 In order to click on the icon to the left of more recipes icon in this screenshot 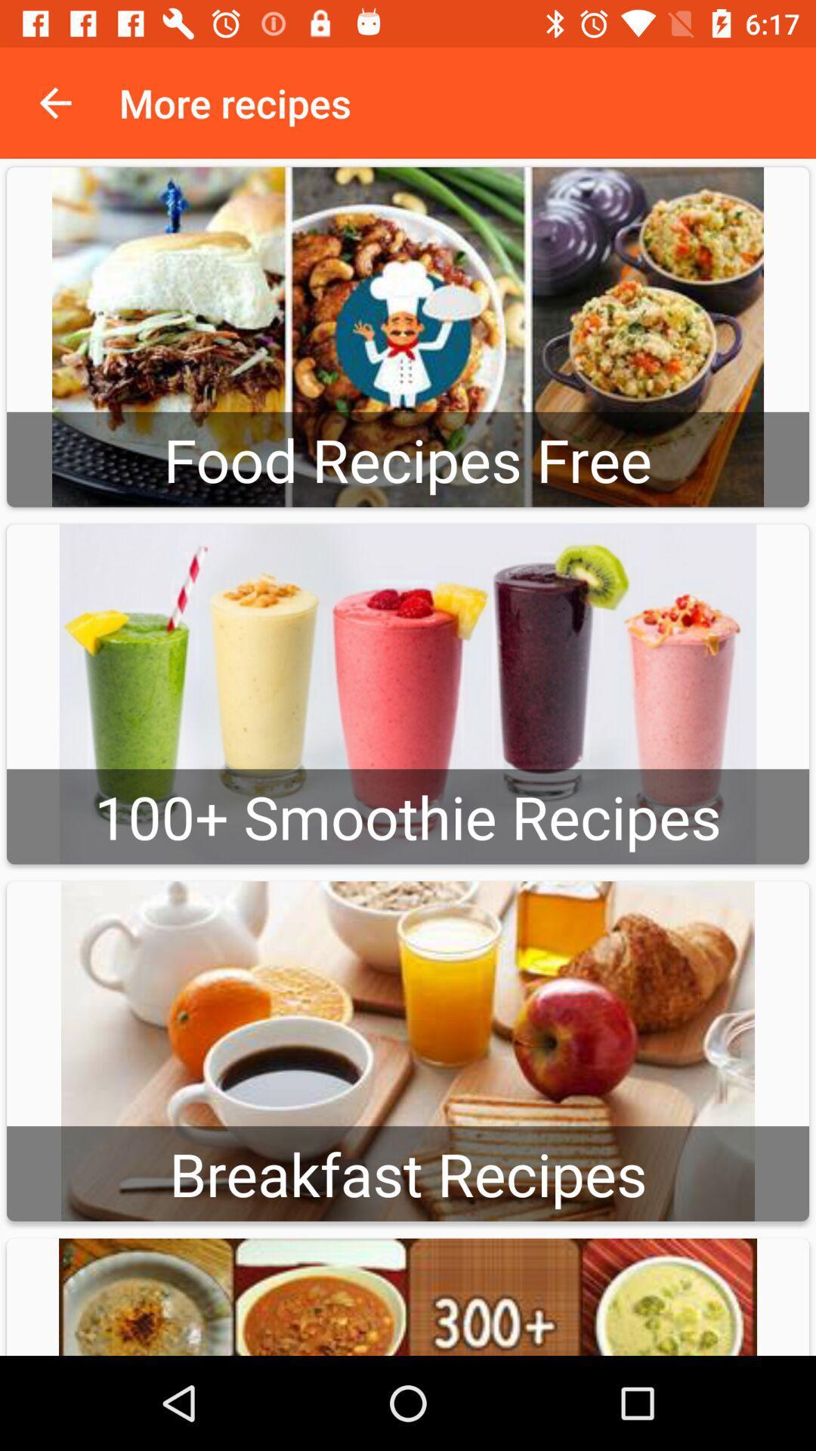, I will do `click(54, 102)`.